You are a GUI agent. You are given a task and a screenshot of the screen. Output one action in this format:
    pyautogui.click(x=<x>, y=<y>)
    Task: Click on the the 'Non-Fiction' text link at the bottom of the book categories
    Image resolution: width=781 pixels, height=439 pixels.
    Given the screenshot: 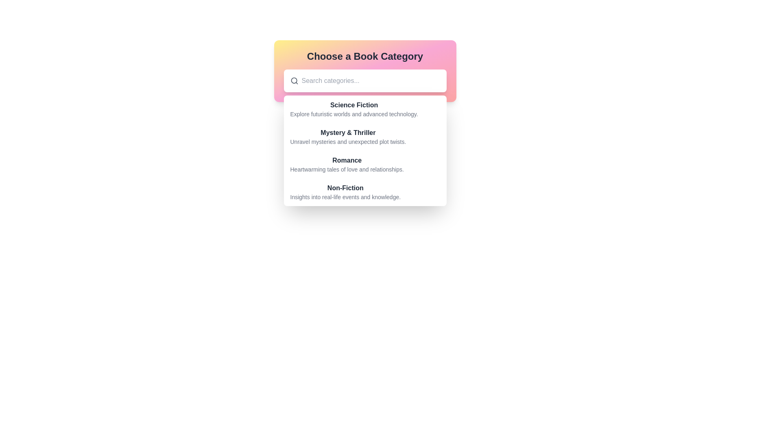 What is the action you would take?
    pyautogui.click(x=345, y=192)
    